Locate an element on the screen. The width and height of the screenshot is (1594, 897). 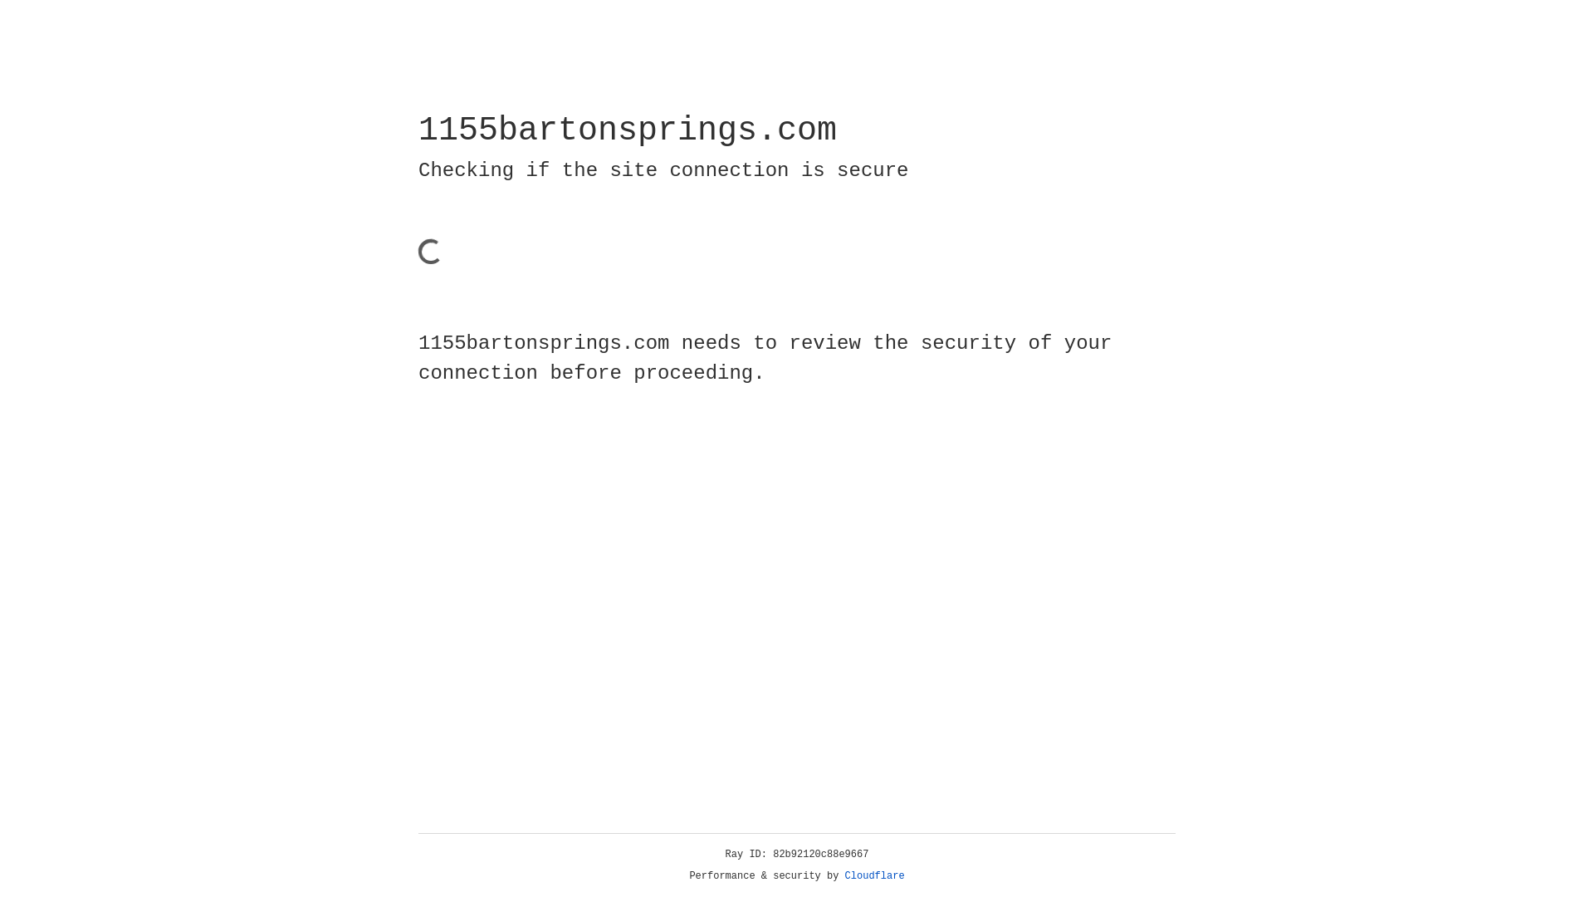
'Cloudflare' is located at coordinates (874, 875).